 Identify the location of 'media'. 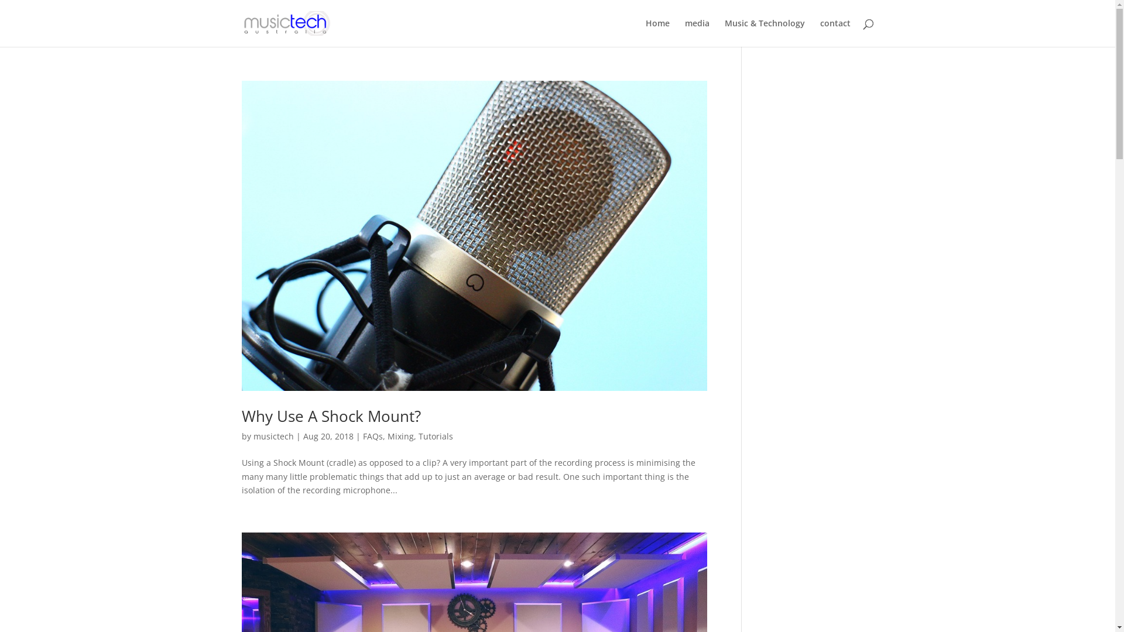
(697, 32).